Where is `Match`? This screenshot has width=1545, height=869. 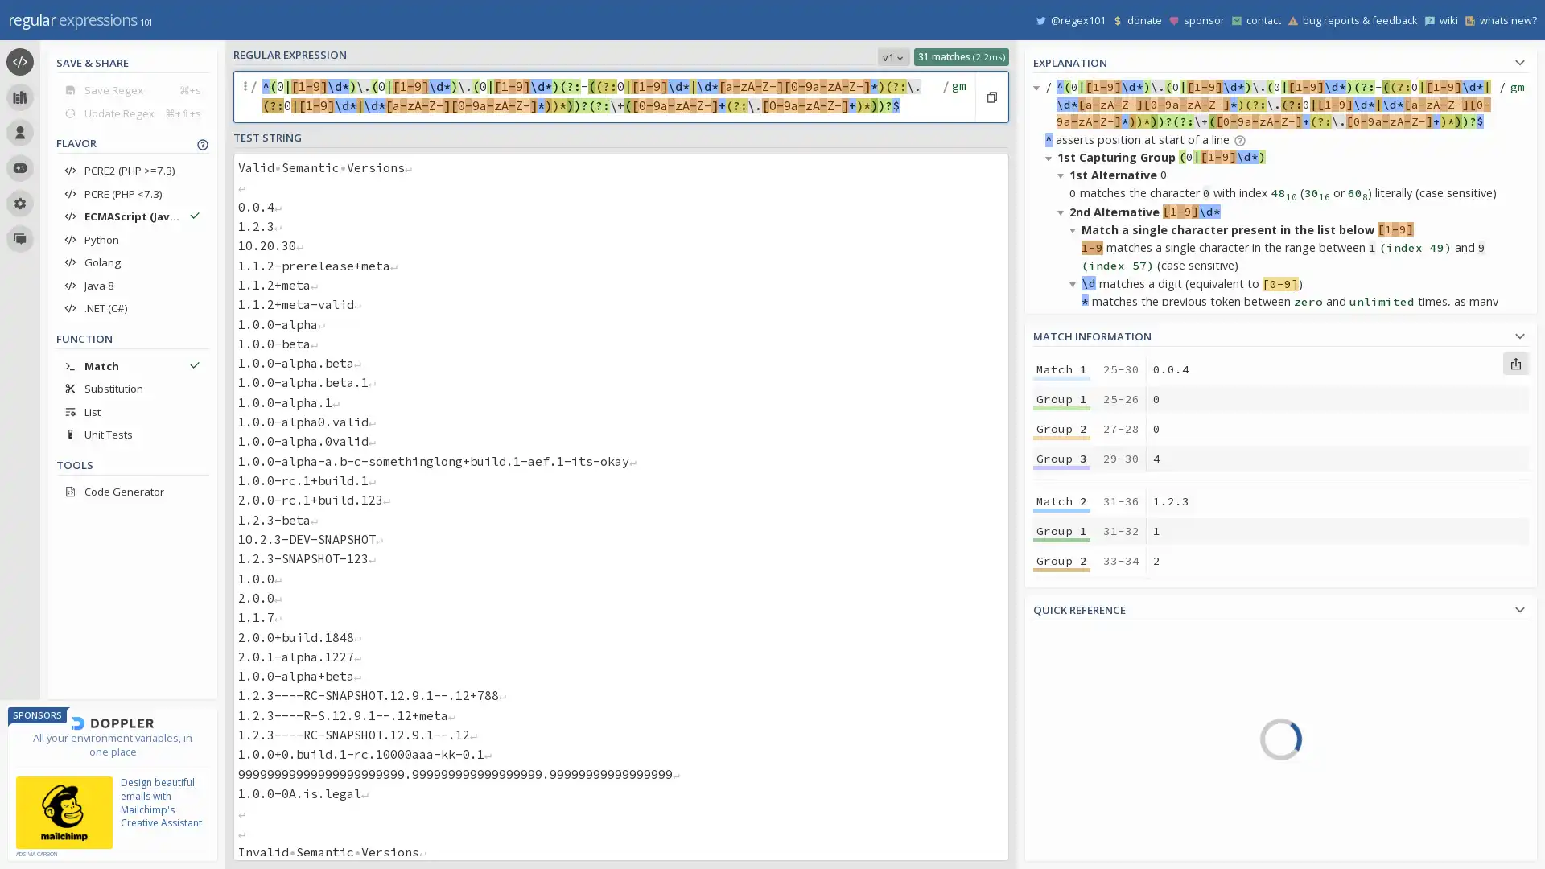
Match is located at coordinates (132, 365).